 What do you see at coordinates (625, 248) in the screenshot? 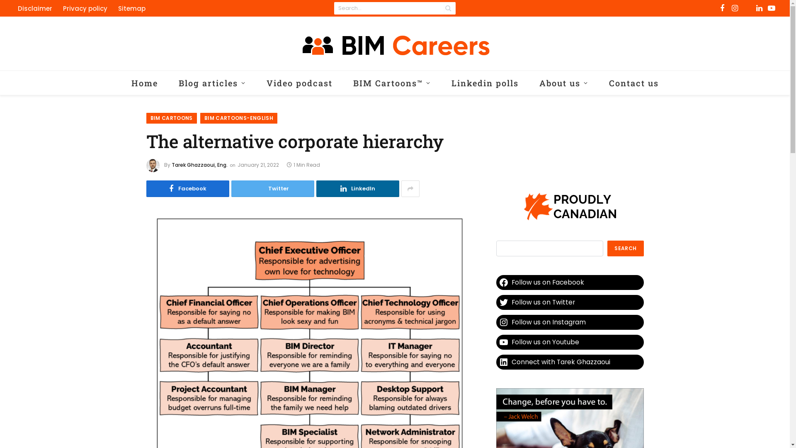
I see `'SEARCH'` at bounding box center [625, 248].